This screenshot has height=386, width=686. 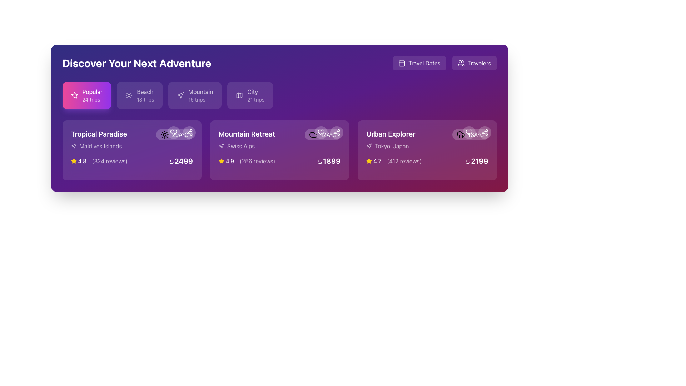 I want to click on the Text label displaying '15 trips' located below the 'Mountain' title within the 'Mountain' category button, so click(x=200, y=99).